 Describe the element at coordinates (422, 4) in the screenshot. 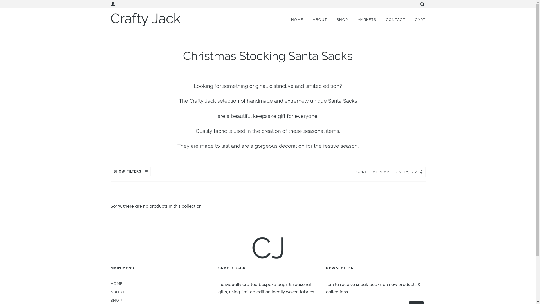

I see `'Search'` at that location.